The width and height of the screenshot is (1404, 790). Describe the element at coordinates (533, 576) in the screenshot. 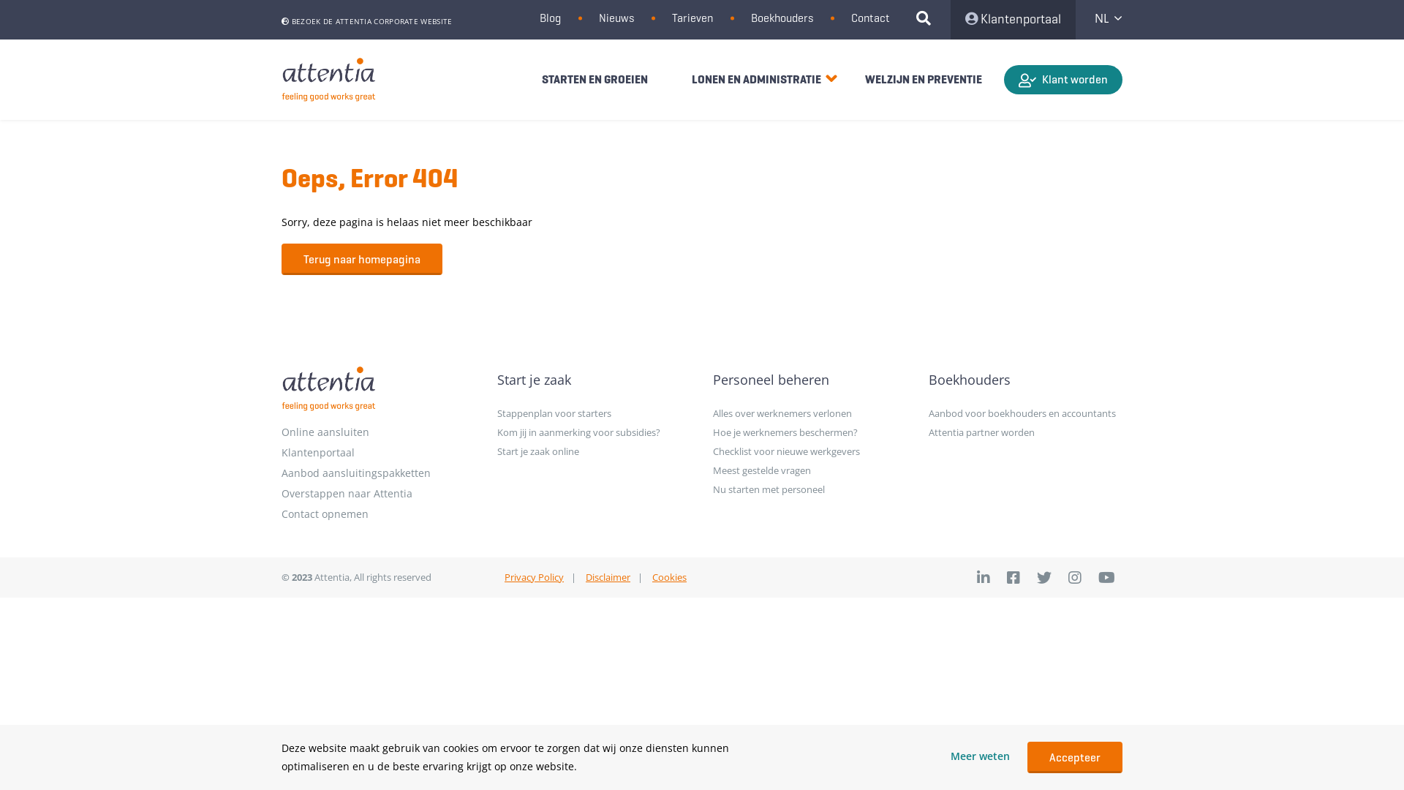

I see `'Privacy Policy'` at that location.